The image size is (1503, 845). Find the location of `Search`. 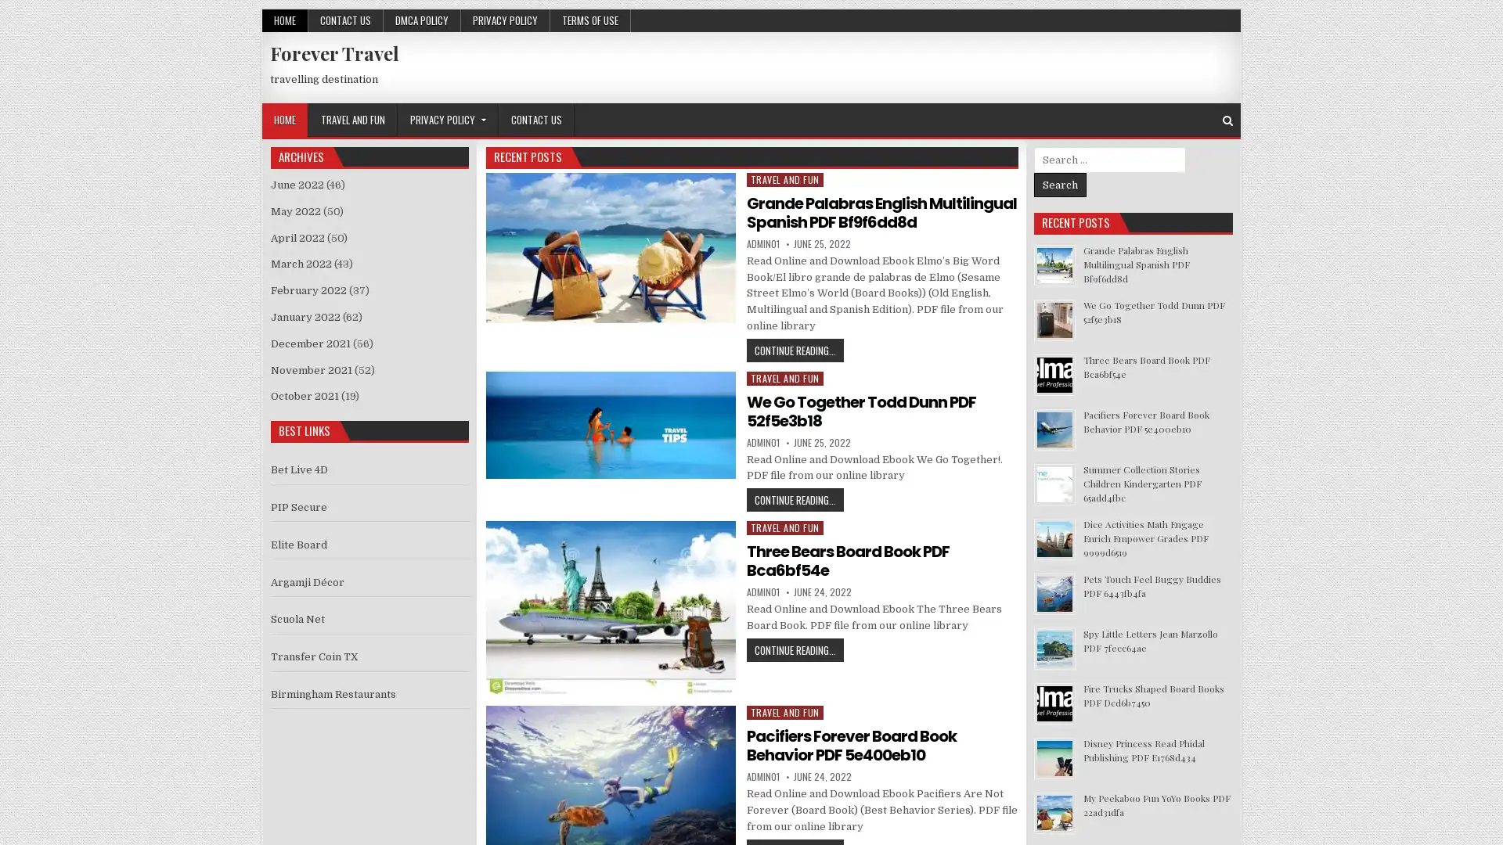

Search is located at coordinates (1060, 184).